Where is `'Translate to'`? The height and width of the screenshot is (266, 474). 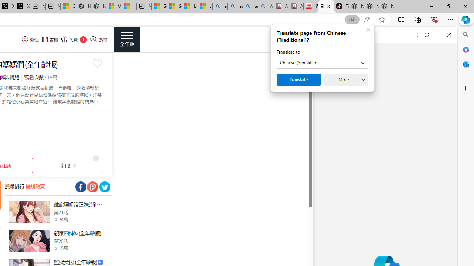
'Translate to' is located at coordinates (323, 62).